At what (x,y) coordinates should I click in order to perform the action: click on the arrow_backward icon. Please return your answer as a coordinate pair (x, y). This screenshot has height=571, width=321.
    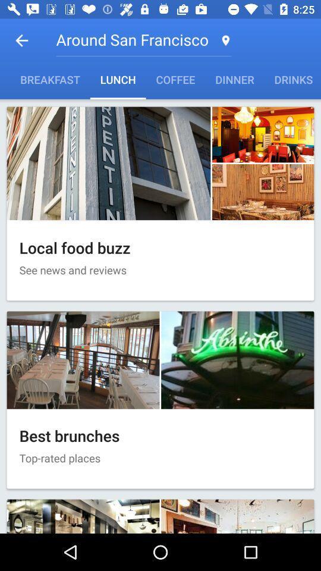
    Looking at the image, I should click on (21, 40).